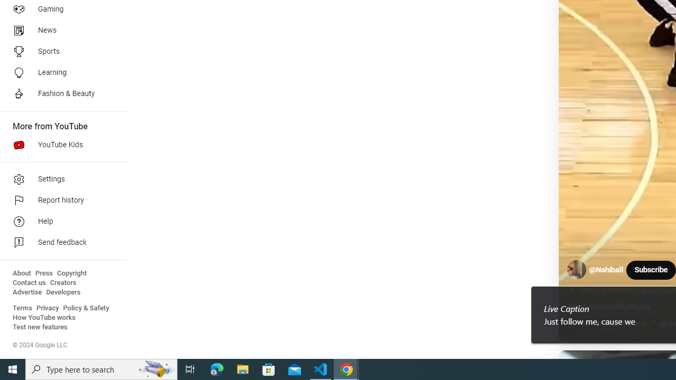  Describe the element at coordinates (62, 282) in the screenshot. I see `'Creators'` at that location.